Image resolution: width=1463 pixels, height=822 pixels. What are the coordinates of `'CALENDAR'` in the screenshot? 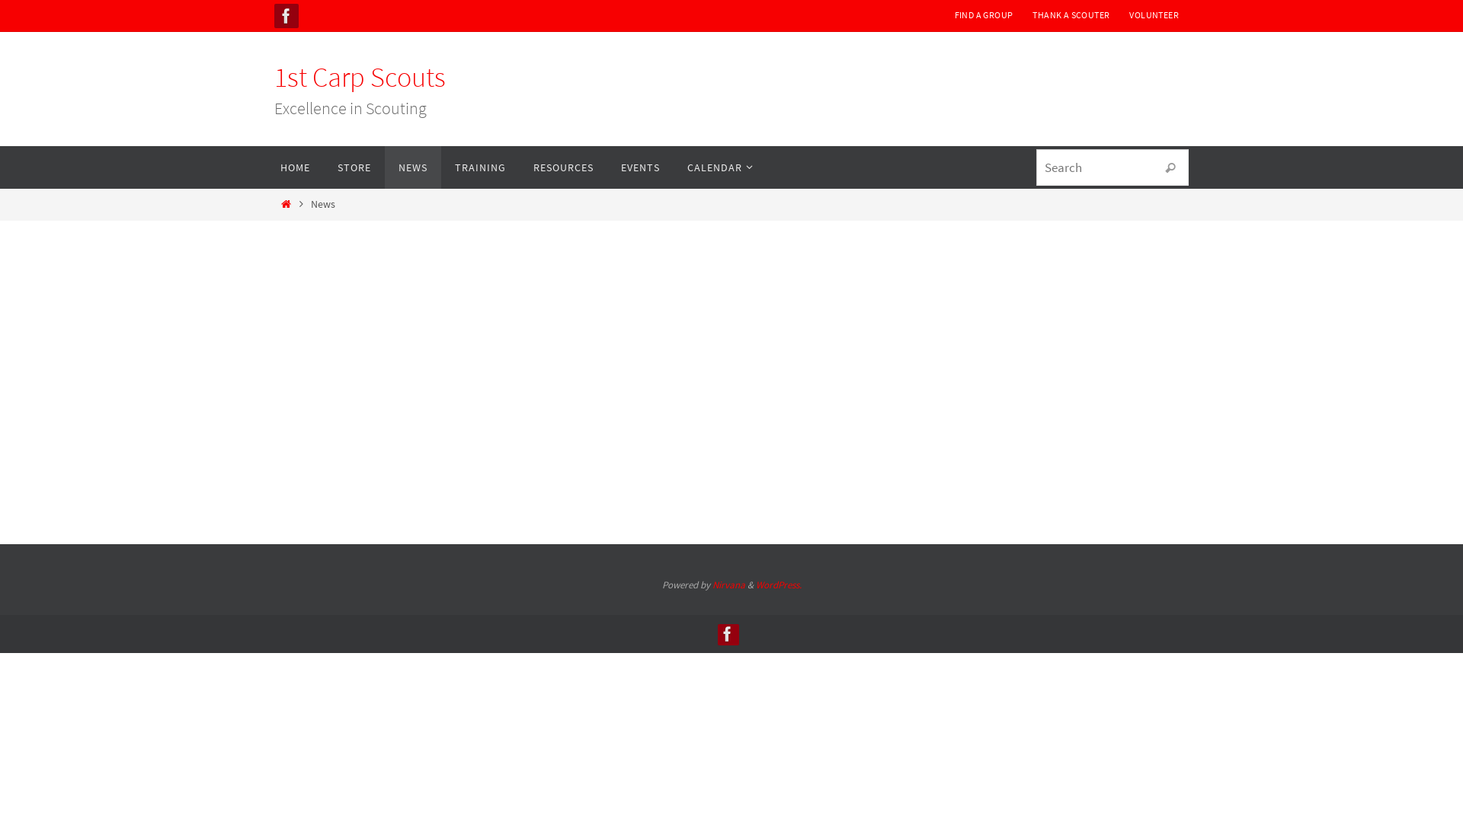 It's located at (715, 167).